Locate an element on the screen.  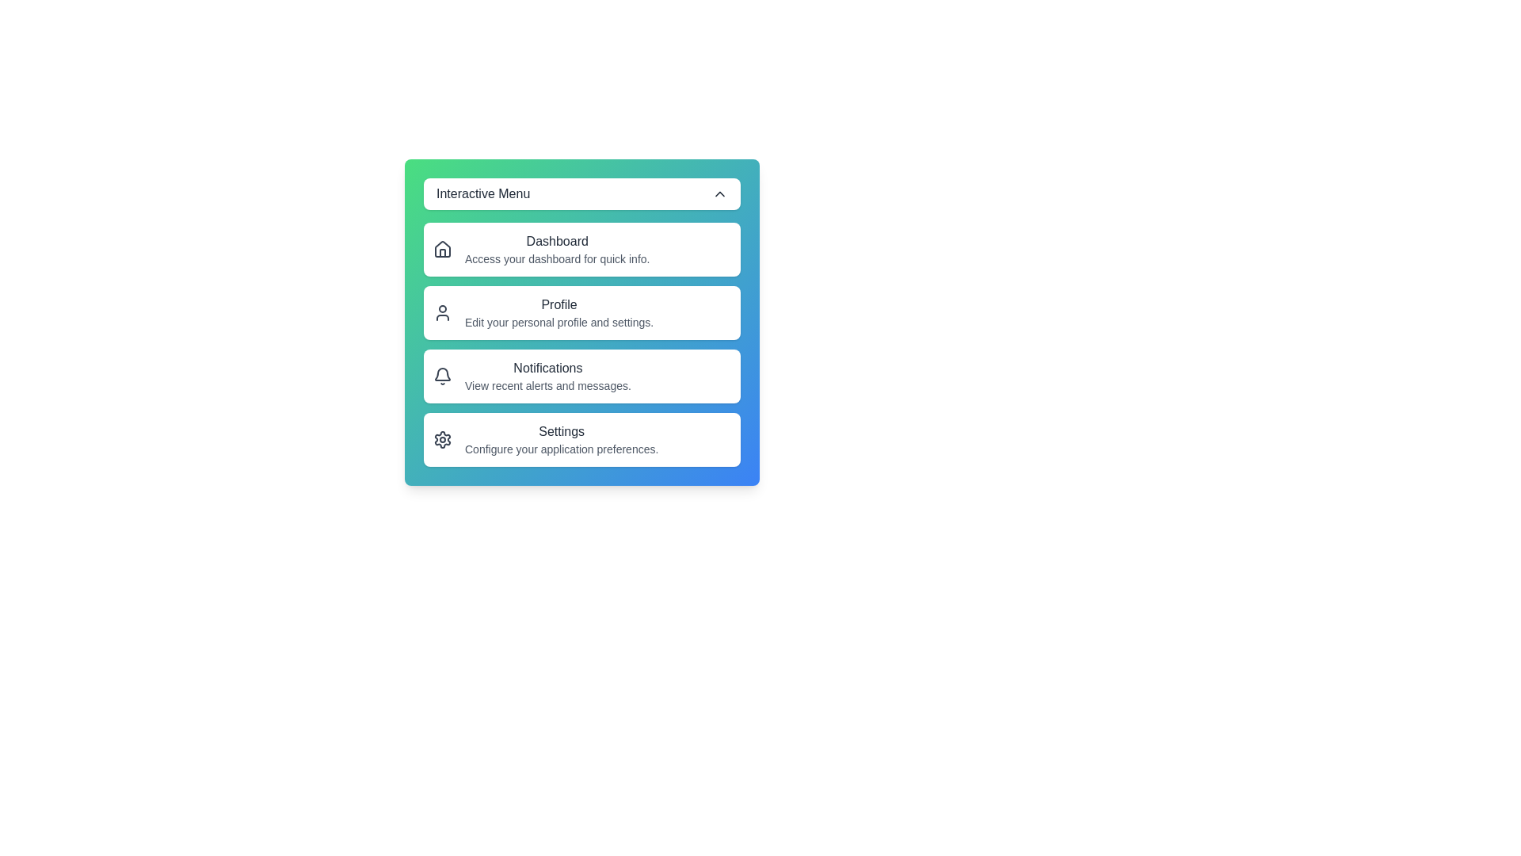
the icon corresponding to Notifications to indicate the action is located at coordinates (442, 376).